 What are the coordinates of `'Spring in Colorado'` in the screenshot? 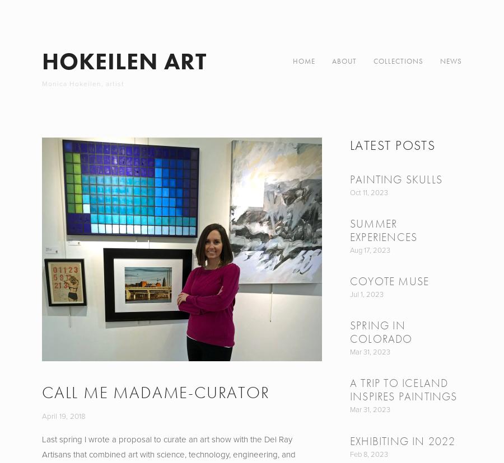 It's located at (380, 332).